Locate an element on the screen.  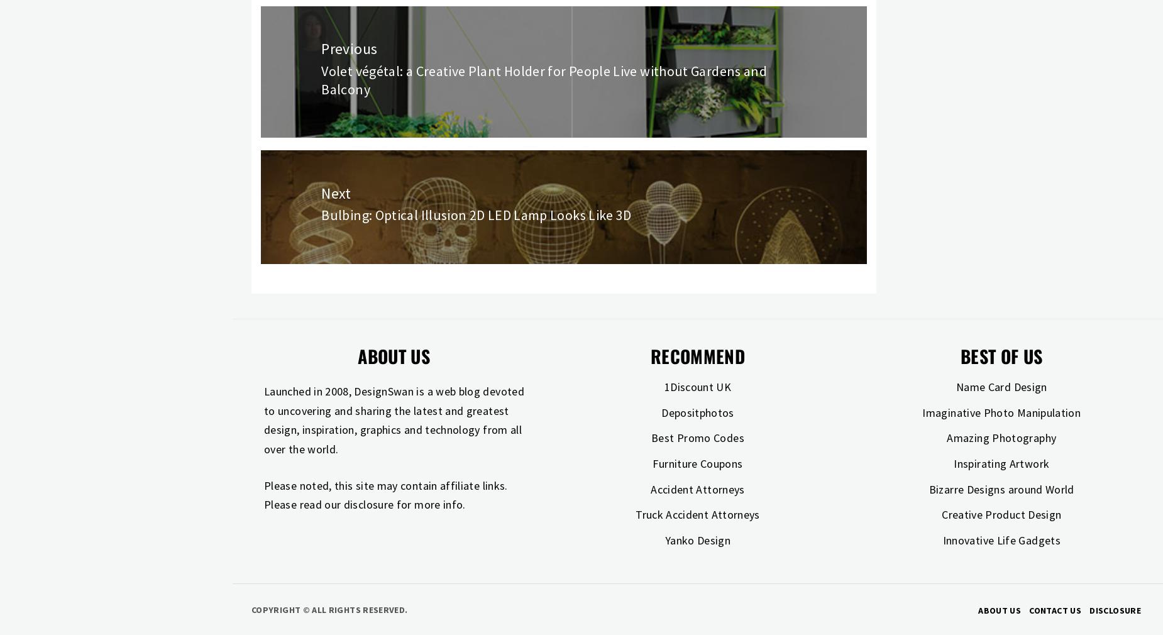
'Next' is located at coordinates (336, 192).